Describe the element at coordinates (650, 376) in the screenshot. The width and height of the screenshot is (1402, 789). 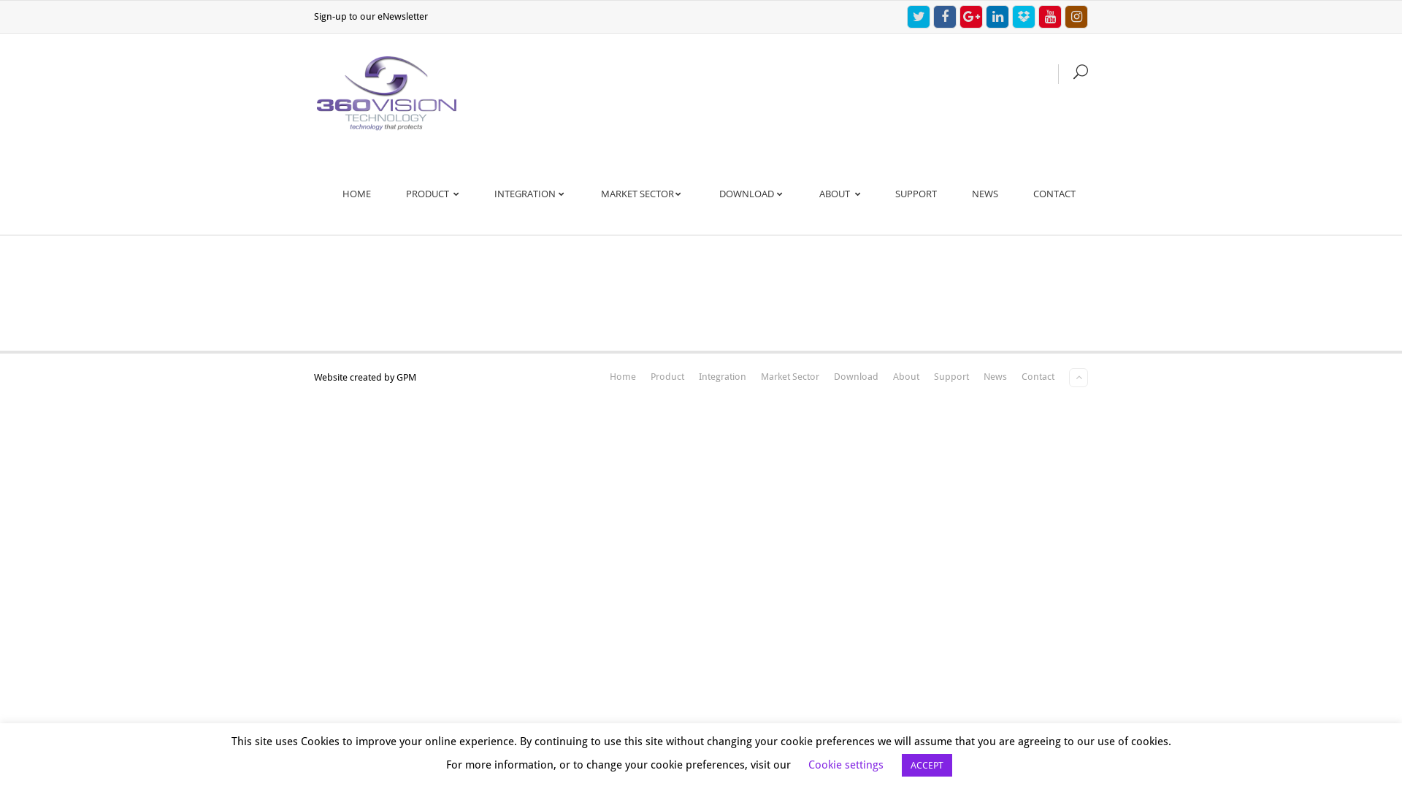
I see `'Product'` at that location.